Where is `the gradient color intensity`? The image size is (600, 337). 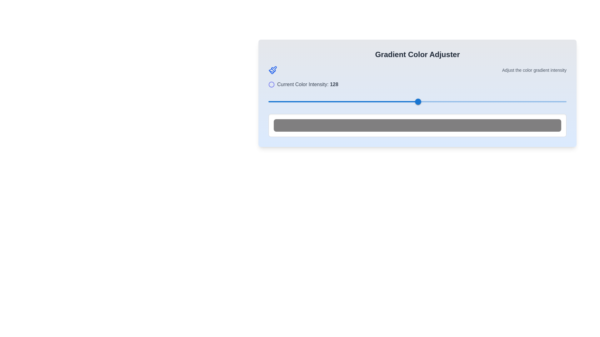
the gradient color intensity is located at coordinates (283, 101).